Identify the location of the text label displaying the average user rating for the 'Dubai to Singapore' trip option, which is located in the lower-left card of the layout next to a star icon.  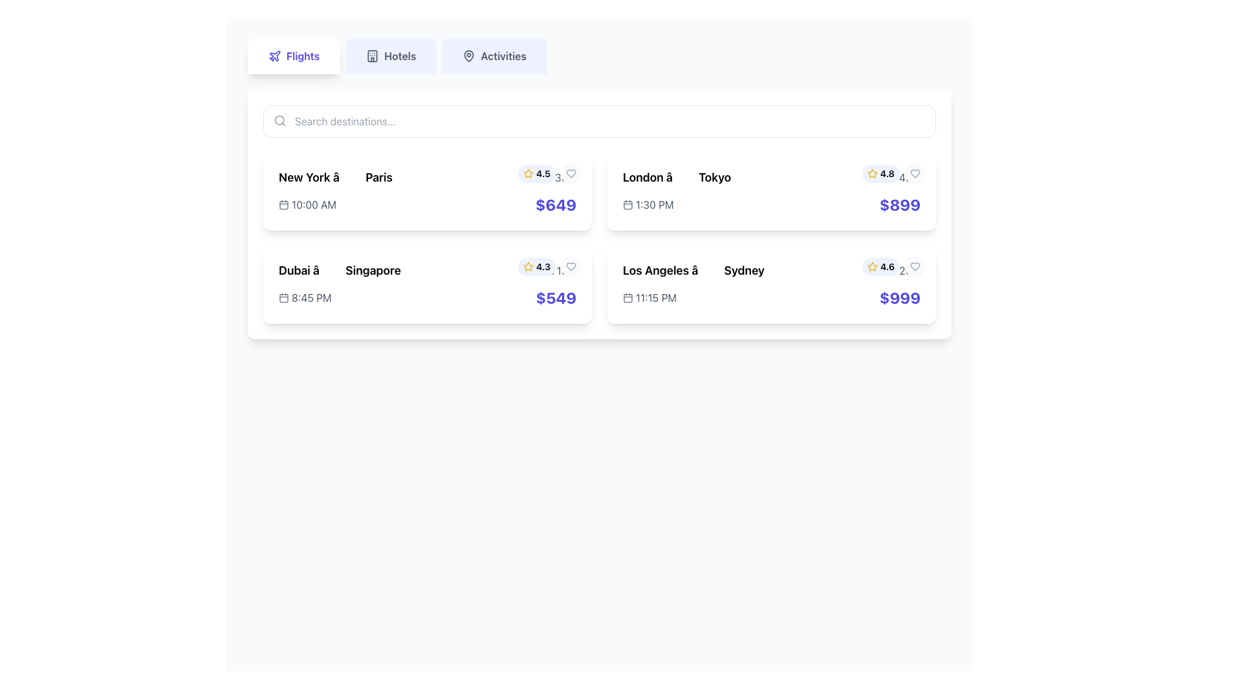
(543, 266).